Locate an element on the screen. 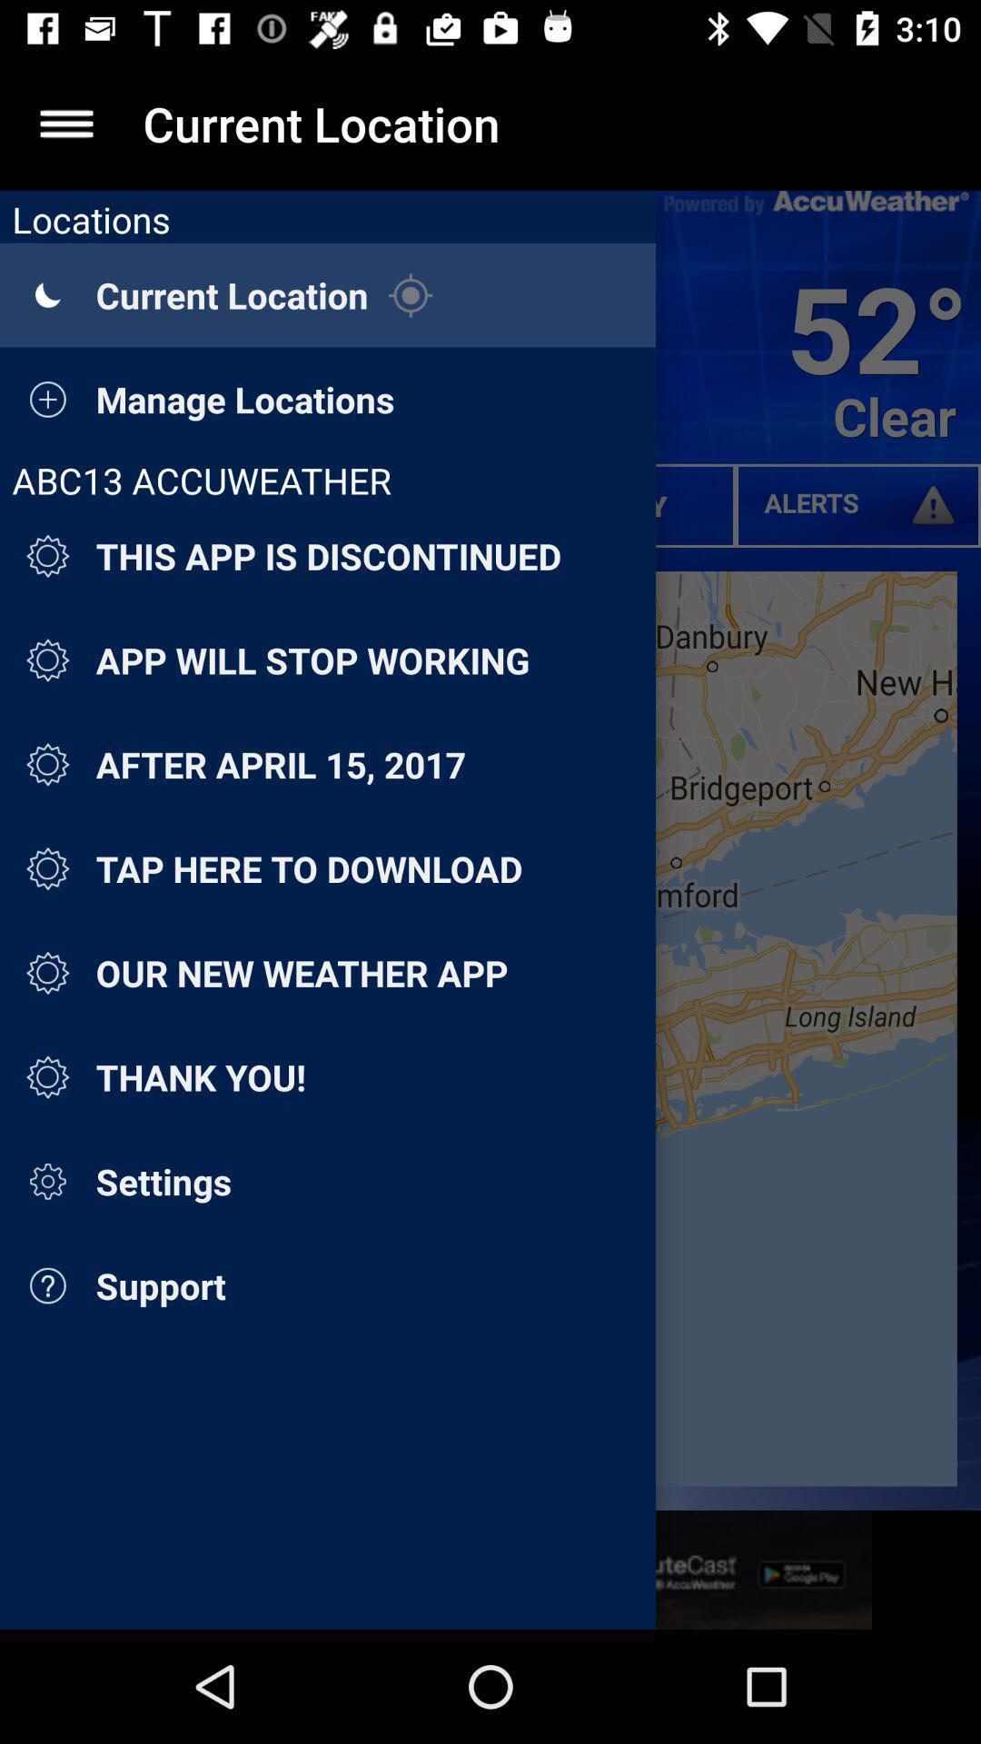 The image size is (981, 1744). the menu icon is located at coordinates (65, 123).